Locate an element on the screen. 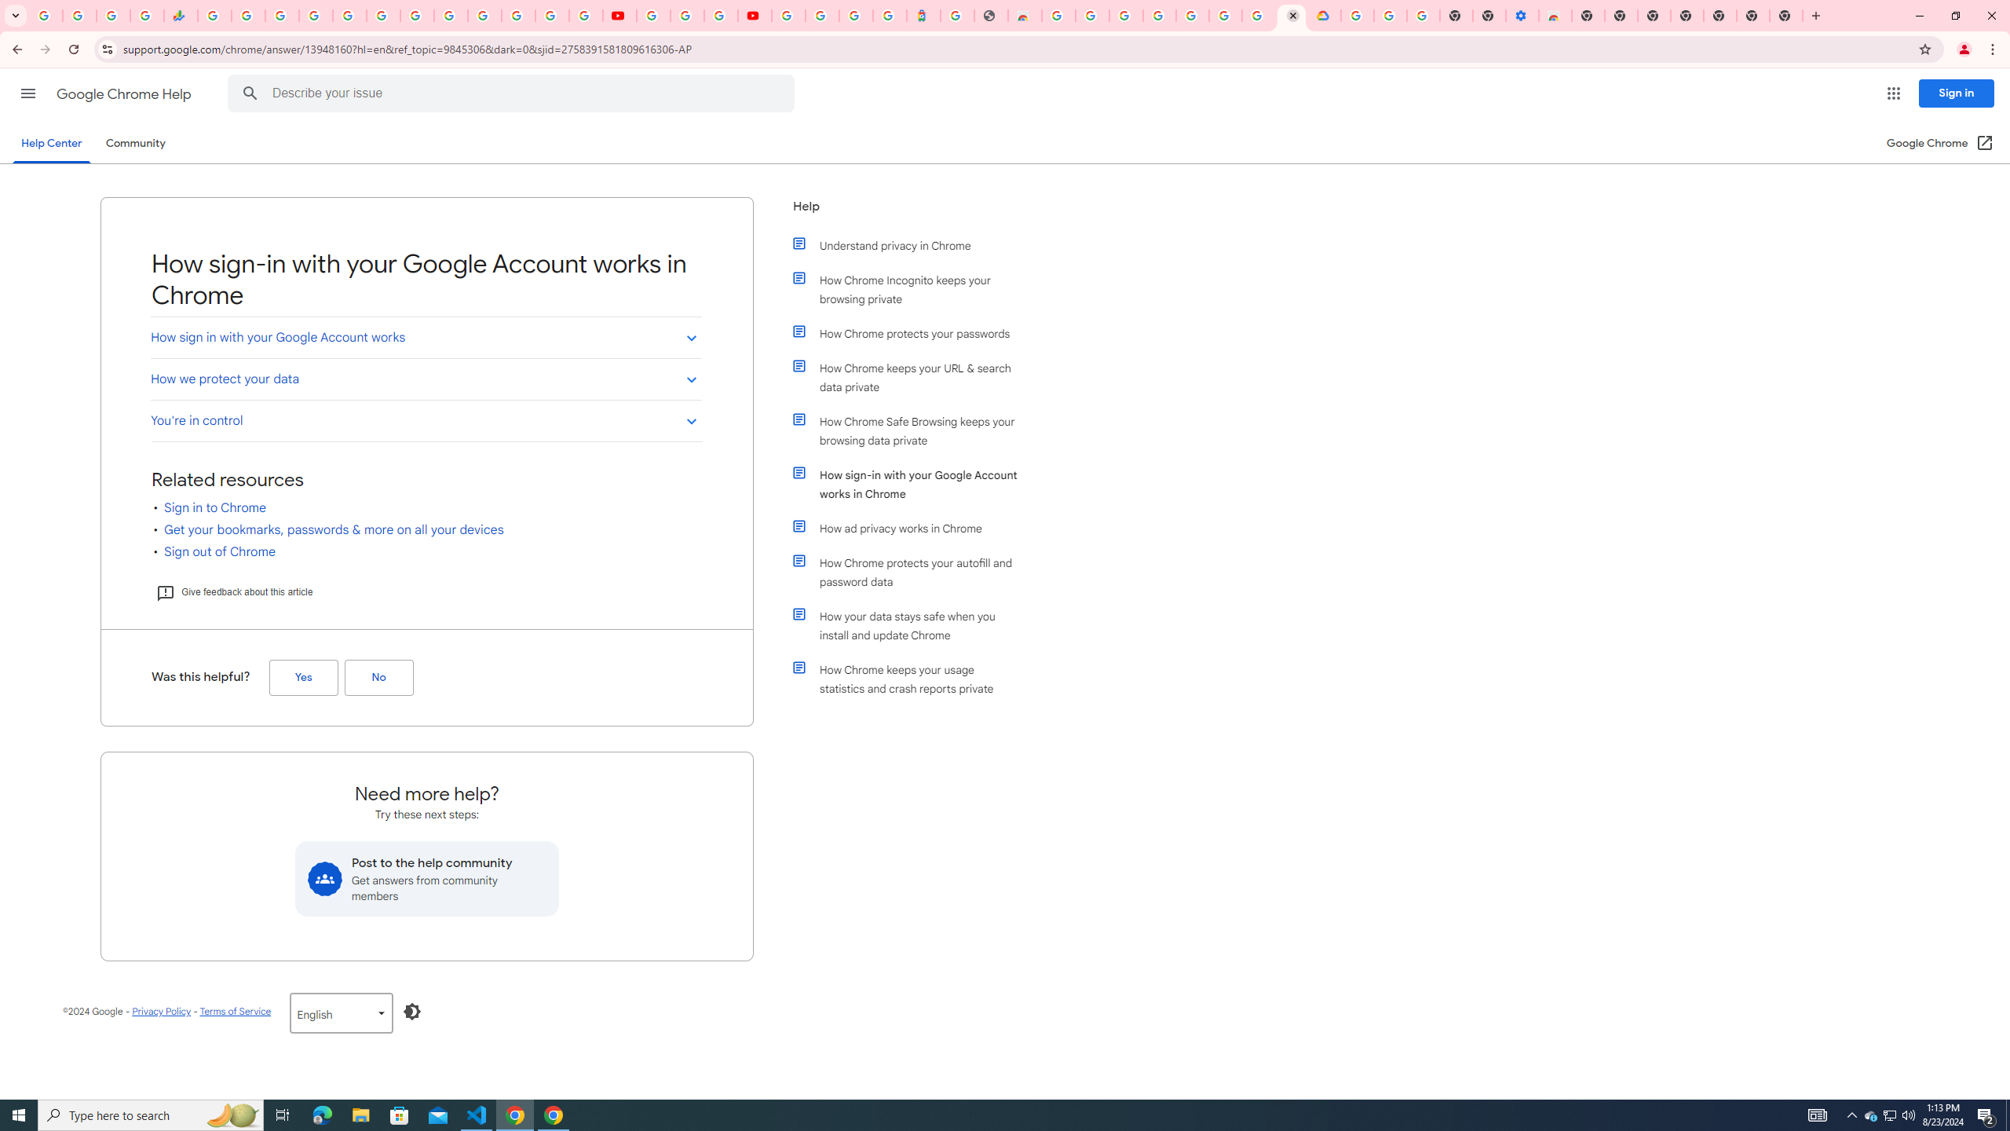 Image resolution: width=2010 pixels, height=1131 pixels. 'Sign in - Google Accounts' is located at coordinates (314, 15).